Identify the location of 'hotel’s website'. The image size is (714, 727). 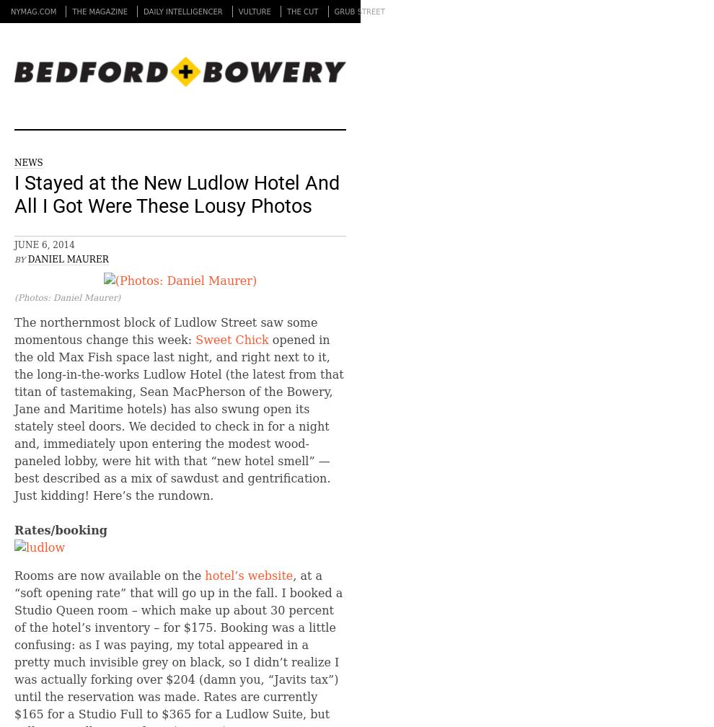
(248, 575).